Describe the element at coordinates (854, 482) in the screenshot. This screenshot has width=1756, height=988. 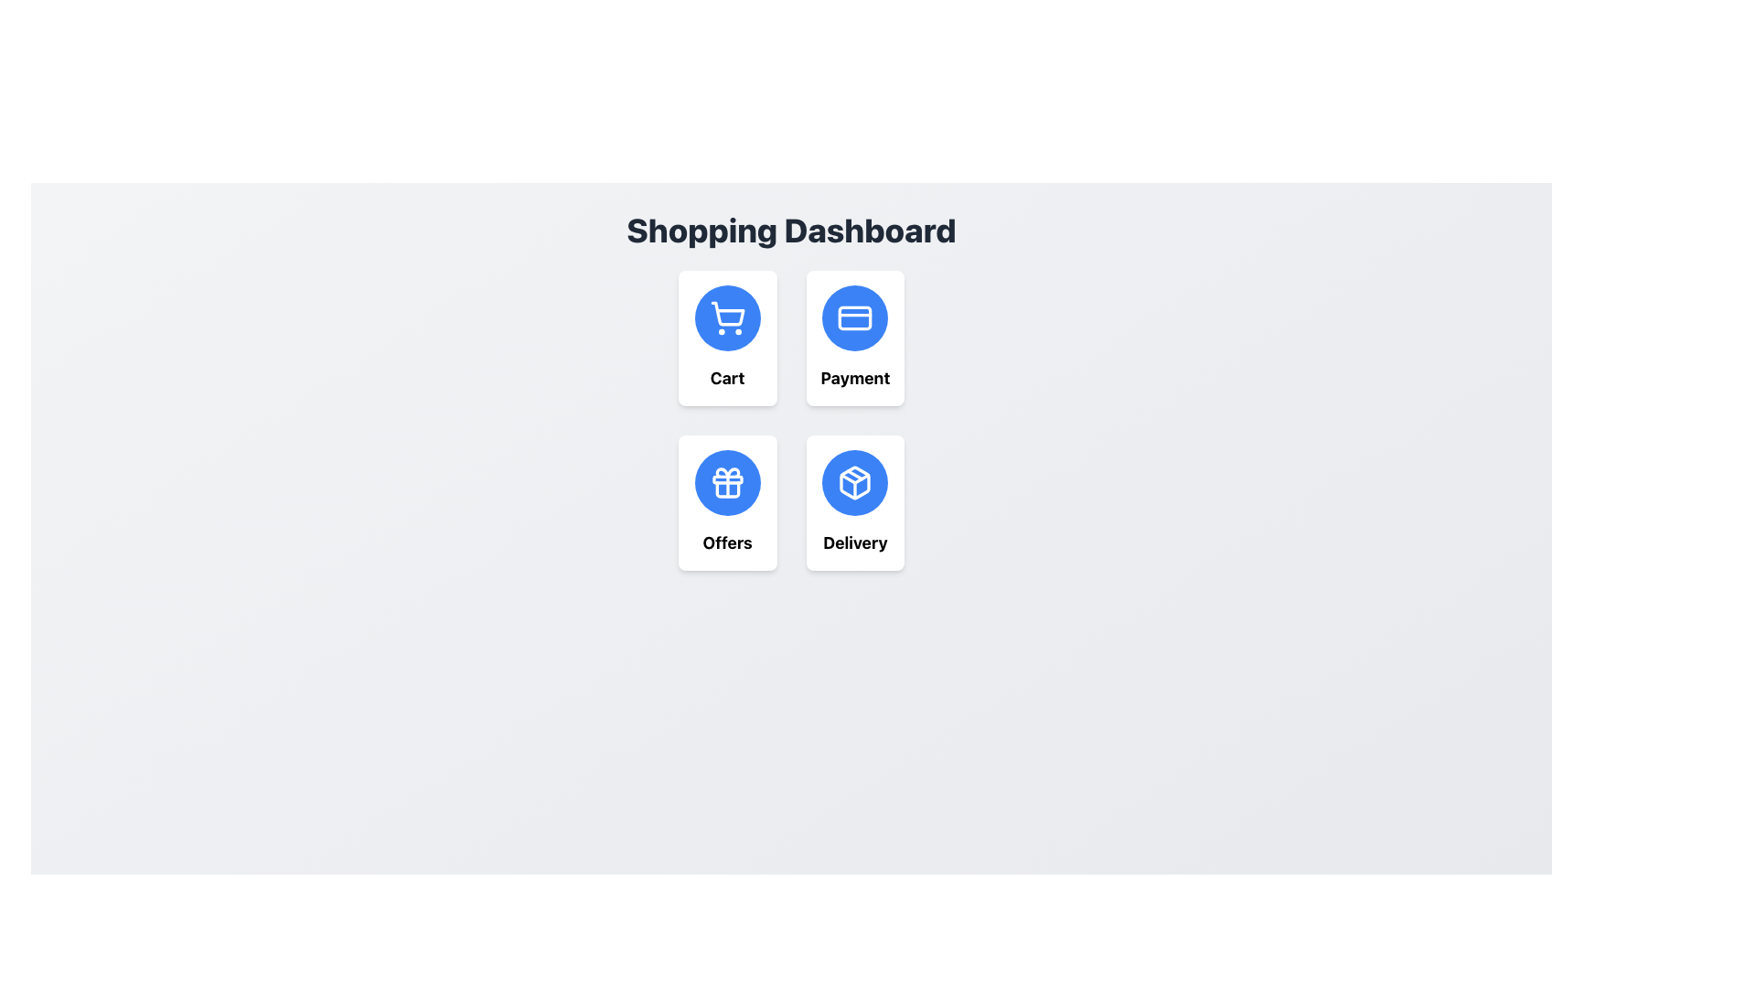
I see `the 'Delivery' icon located in the lower right button of the 2x2 grid of action buttons` at that location.